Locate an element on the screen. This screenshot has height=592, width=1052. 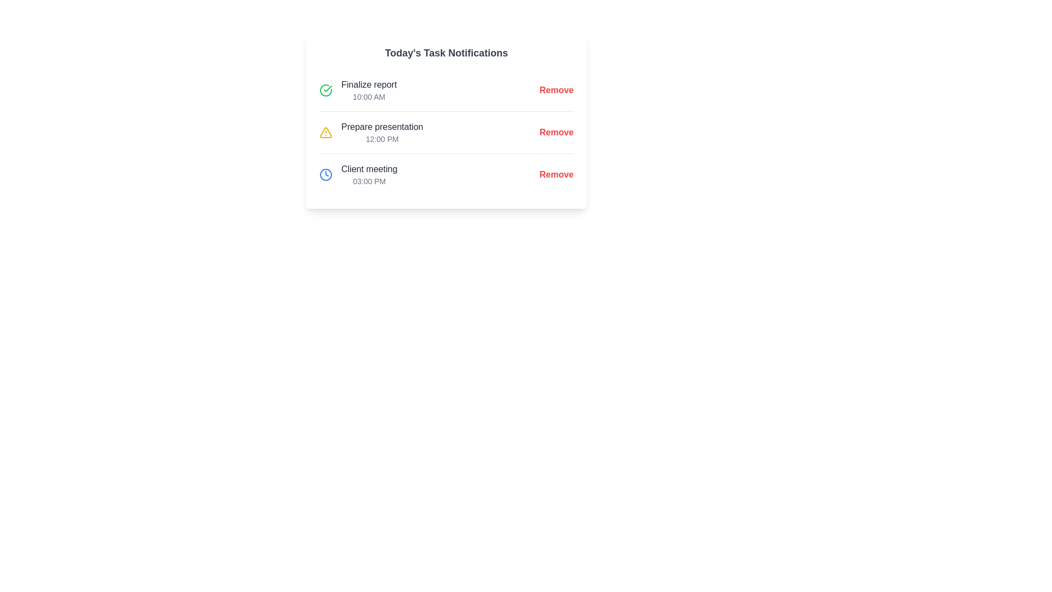
the circular blue outlined clock icon representing the notification for 'Client meeting 03:00 PM' is located at coordinates (325, 174).